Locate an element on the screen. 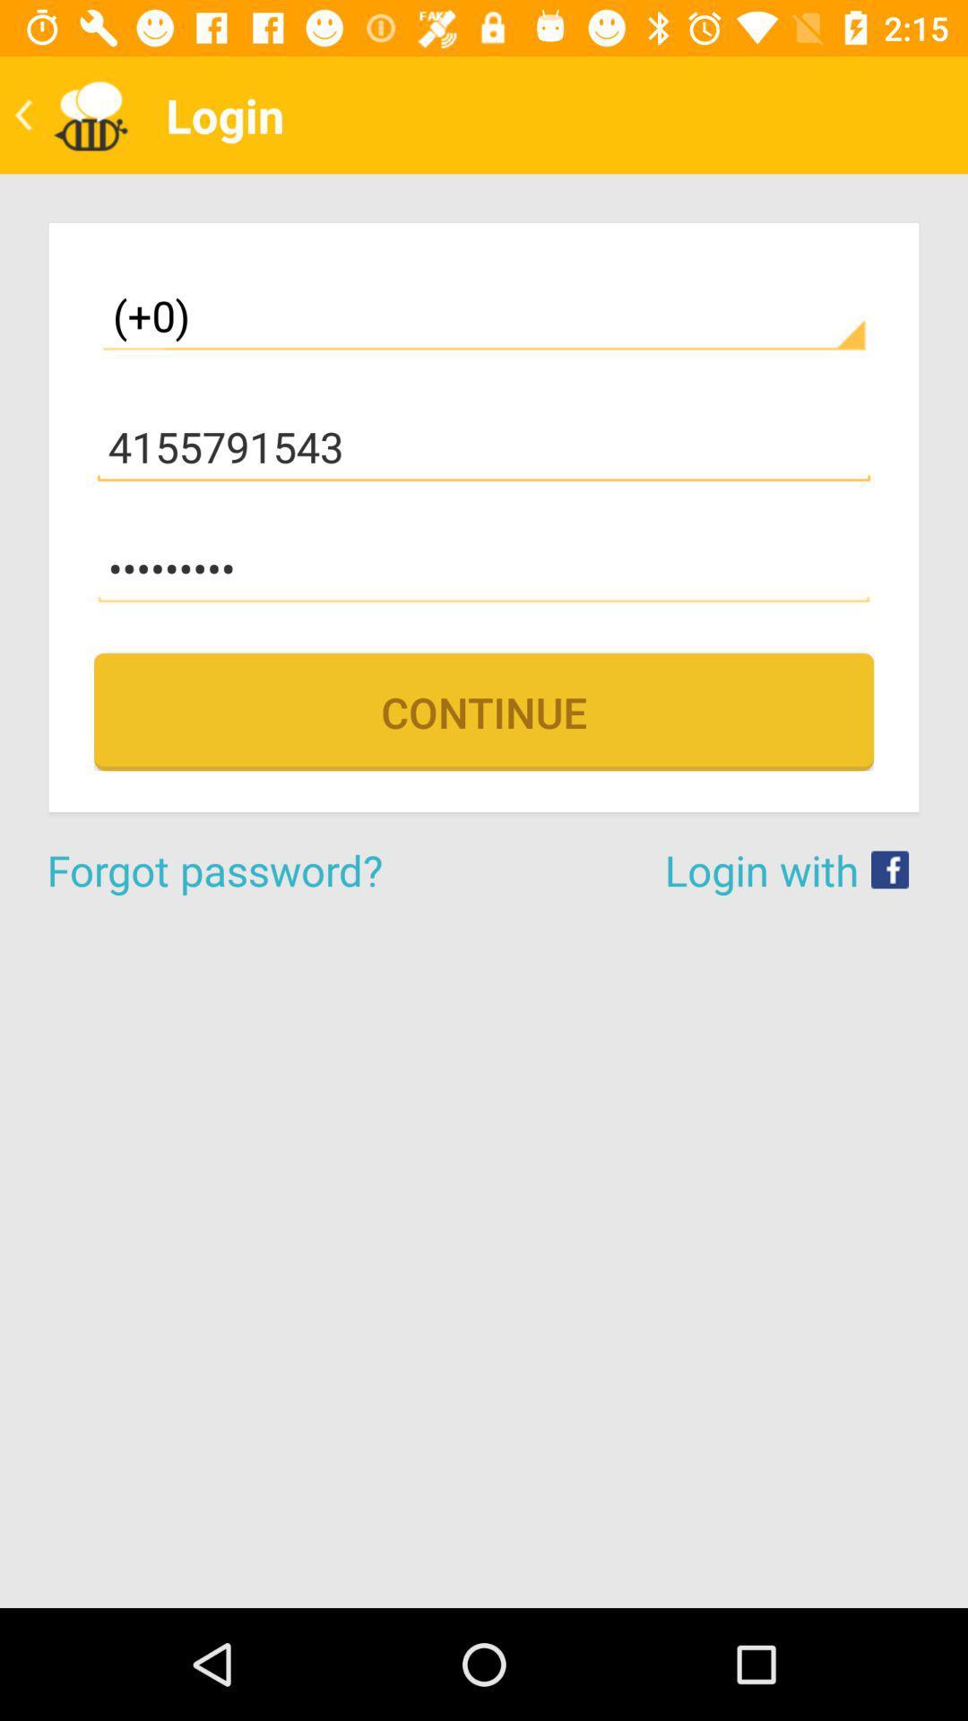 This screenshot has height=1721, width=968. the crowd3116 icon is located at coordinates (484, 567).